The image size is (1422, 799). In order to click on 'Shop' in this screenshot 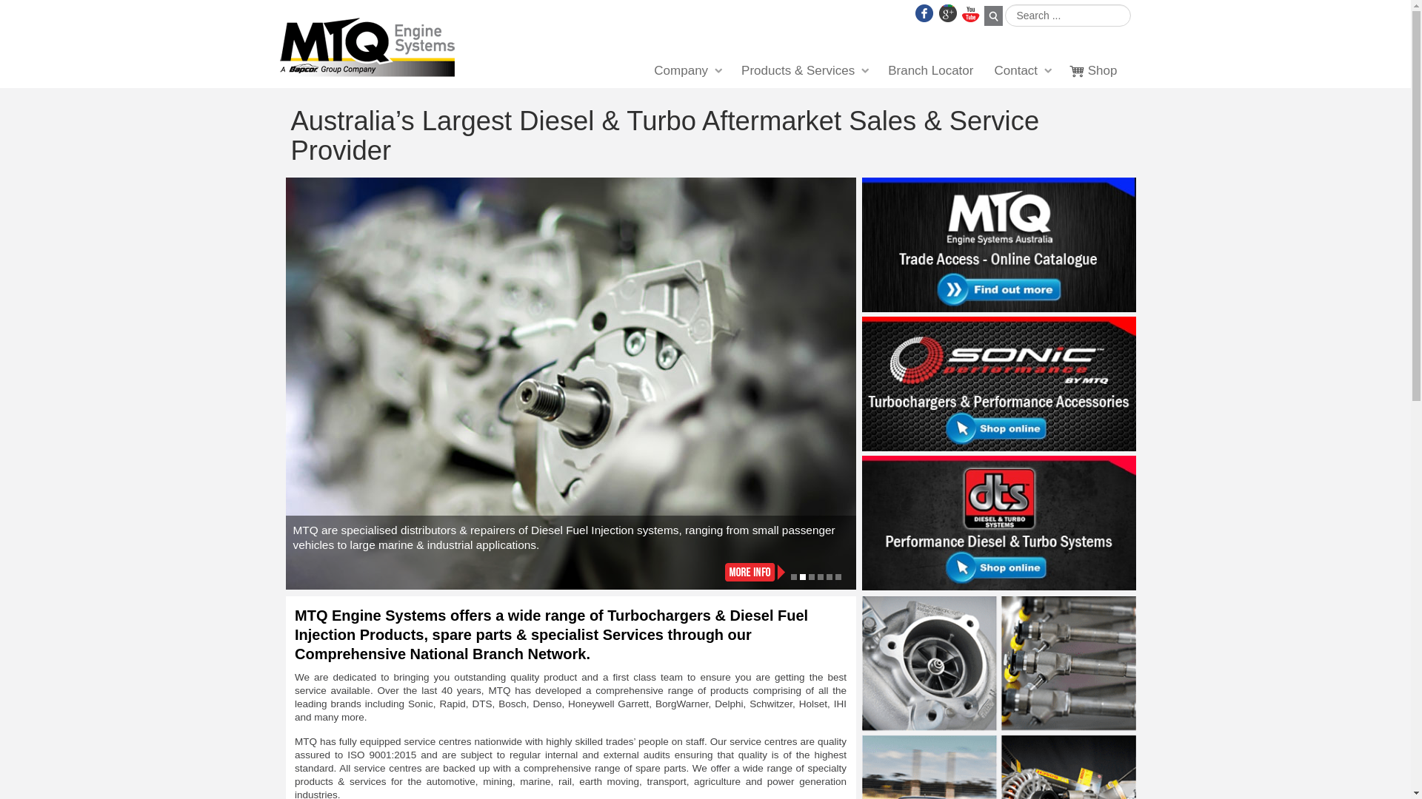, I will do `click(1094, 71)`.